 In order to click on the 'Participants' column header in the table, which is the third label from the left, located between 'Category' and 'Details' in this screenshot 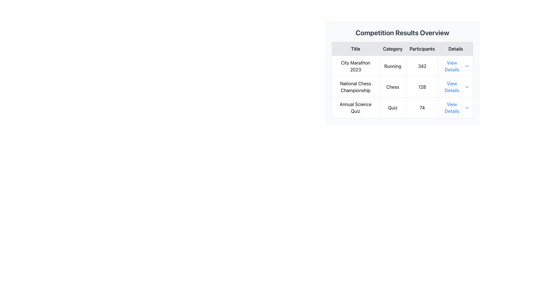, I will do `click(422, 49)`.